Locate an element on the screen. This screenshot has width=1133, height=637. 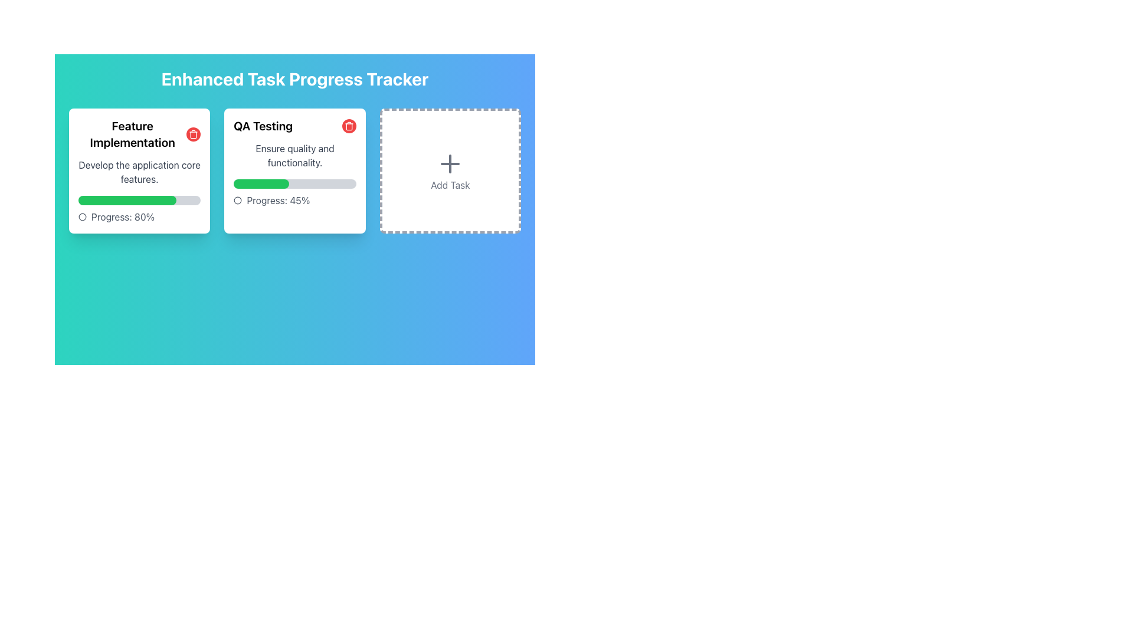
the green progress bar located in the second card beneath the heading 'QA Testing' and above the text indicating 'Progress: 45%.' is located at coordinates (260, 184).